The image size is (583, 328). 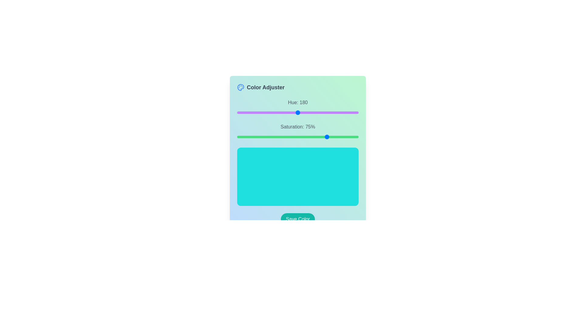 I want to click on text from the 'Color Adjuster' text label displayed in a bold, large font with a grayish hue, located to the right of a palette icon in the header section of the user interface, so click(x=266, y=87).